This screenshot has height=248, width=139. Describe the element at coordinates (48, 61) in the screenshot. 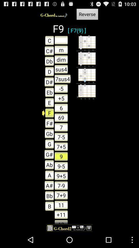

I see `the db` at that location.